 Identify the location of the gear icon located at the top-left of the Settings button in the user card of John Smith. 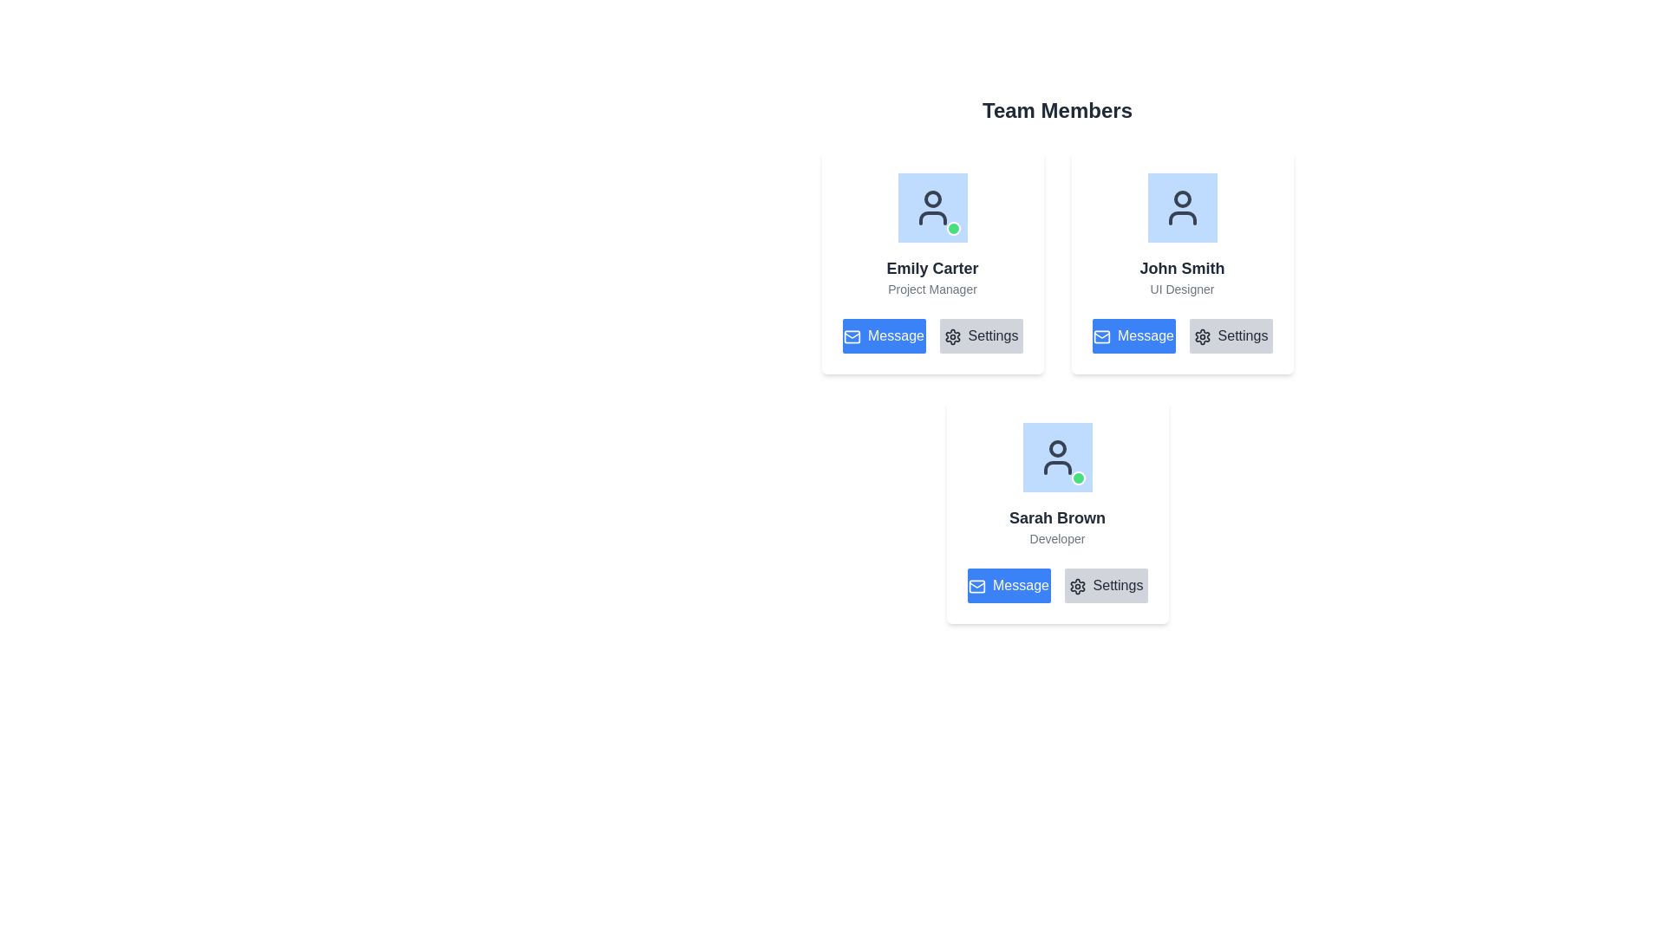
(1201, 336).